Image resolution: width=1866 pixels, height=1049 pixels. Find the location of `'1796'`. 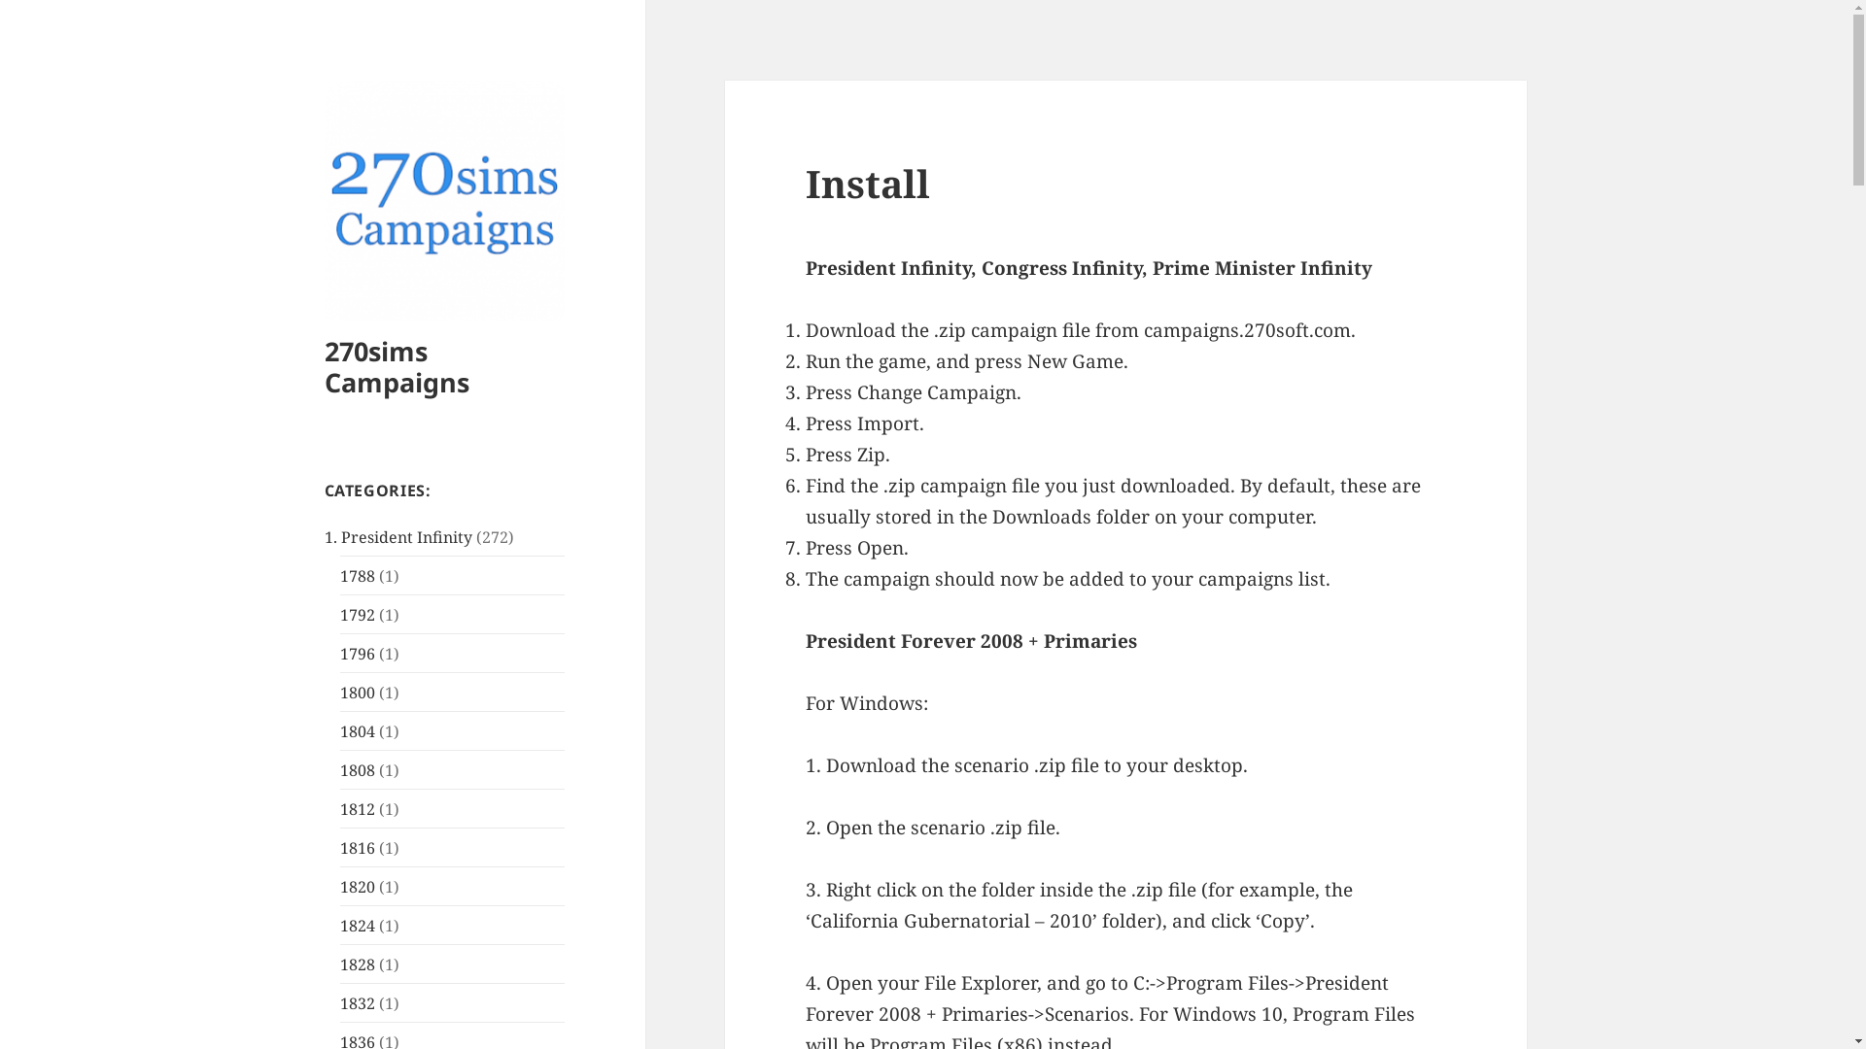

'1796' is located at coordinates (358, 653).